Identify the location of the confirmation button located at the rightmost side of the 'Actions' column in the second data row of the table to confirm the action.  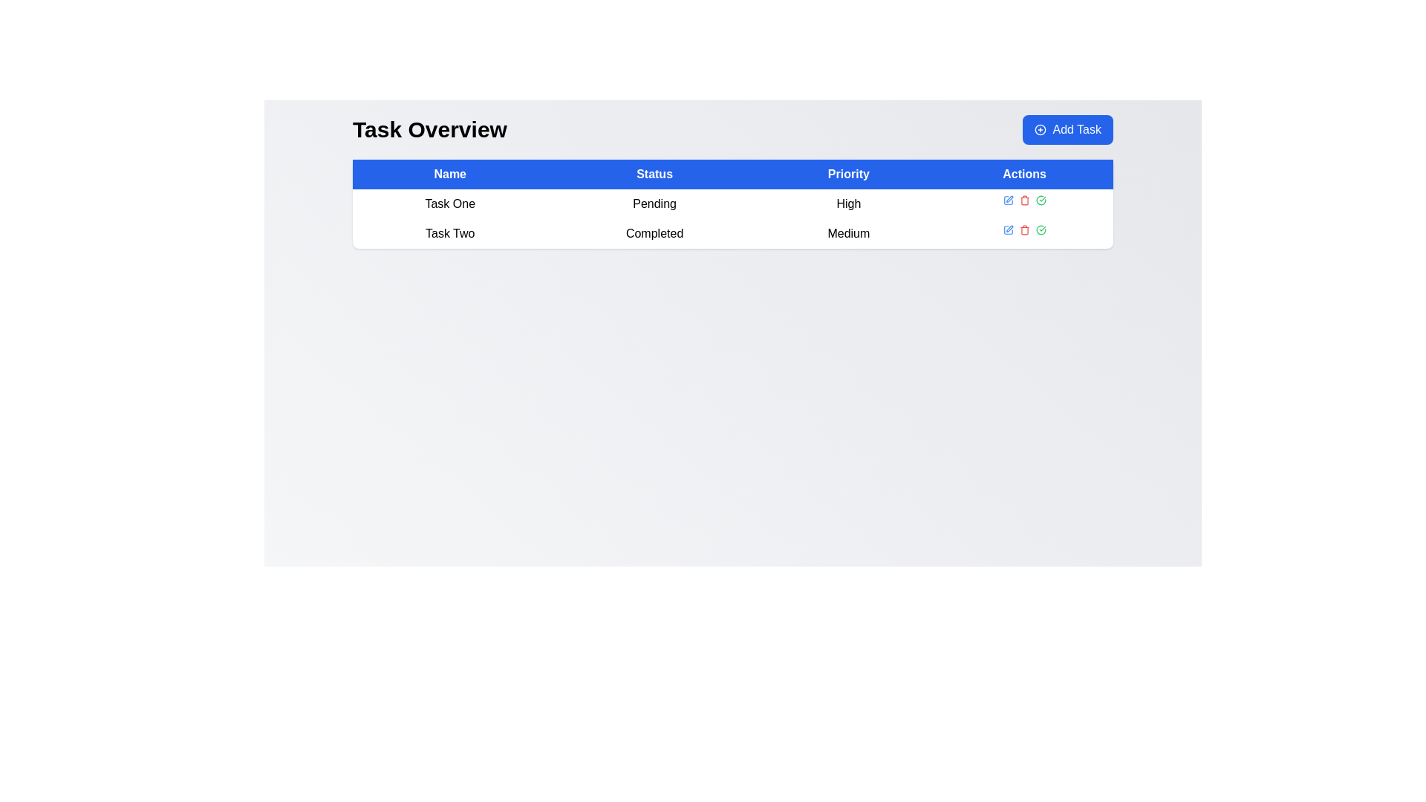
(1040, 229).